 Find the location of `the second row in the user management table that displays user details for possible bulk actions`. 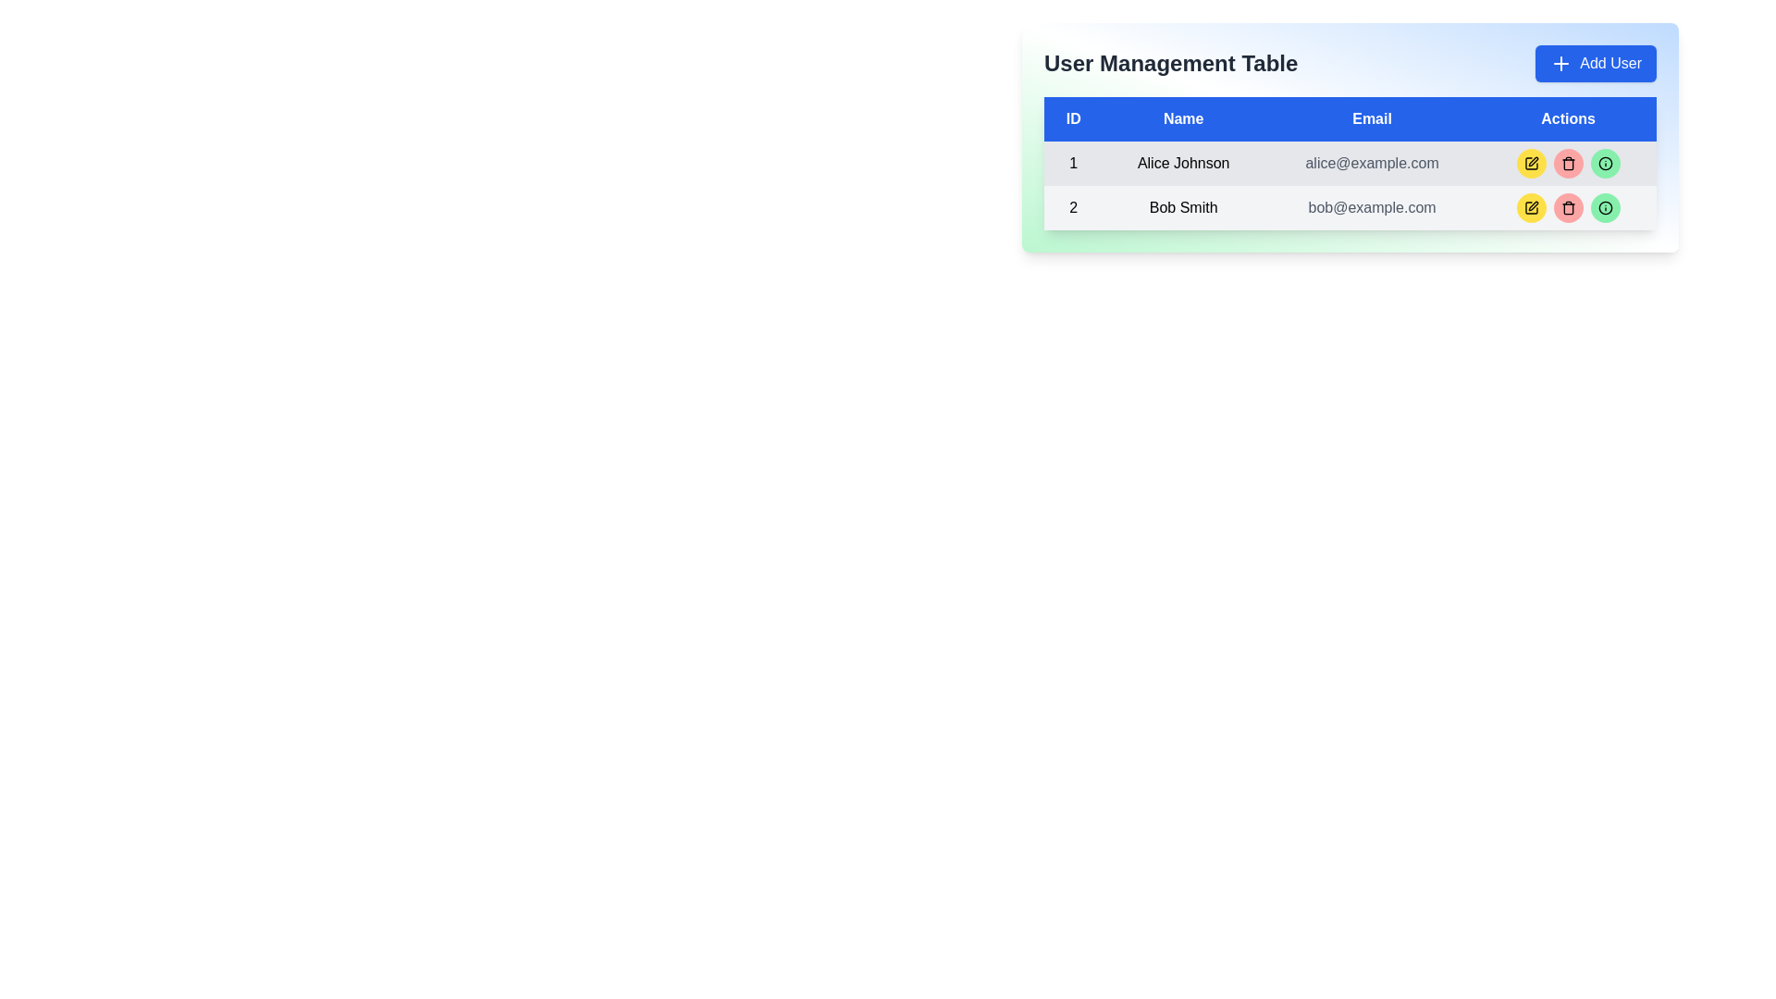

the second row in the user management table that displays user details for possible bulk actions is located at coordinates (1350, 207).